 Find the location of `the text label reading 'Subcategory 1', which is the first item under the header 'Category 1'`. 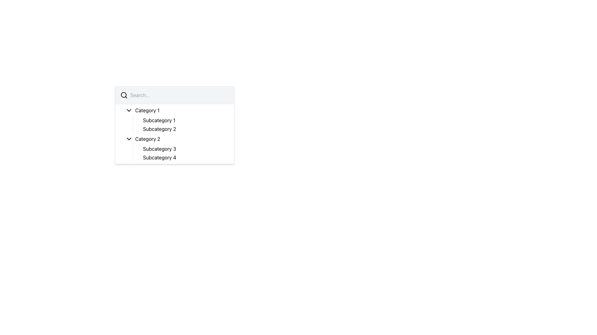

the text label reading 'Subcategory 1', which is the first item under the header 'Category 1' is located at coordinates (159, 120).